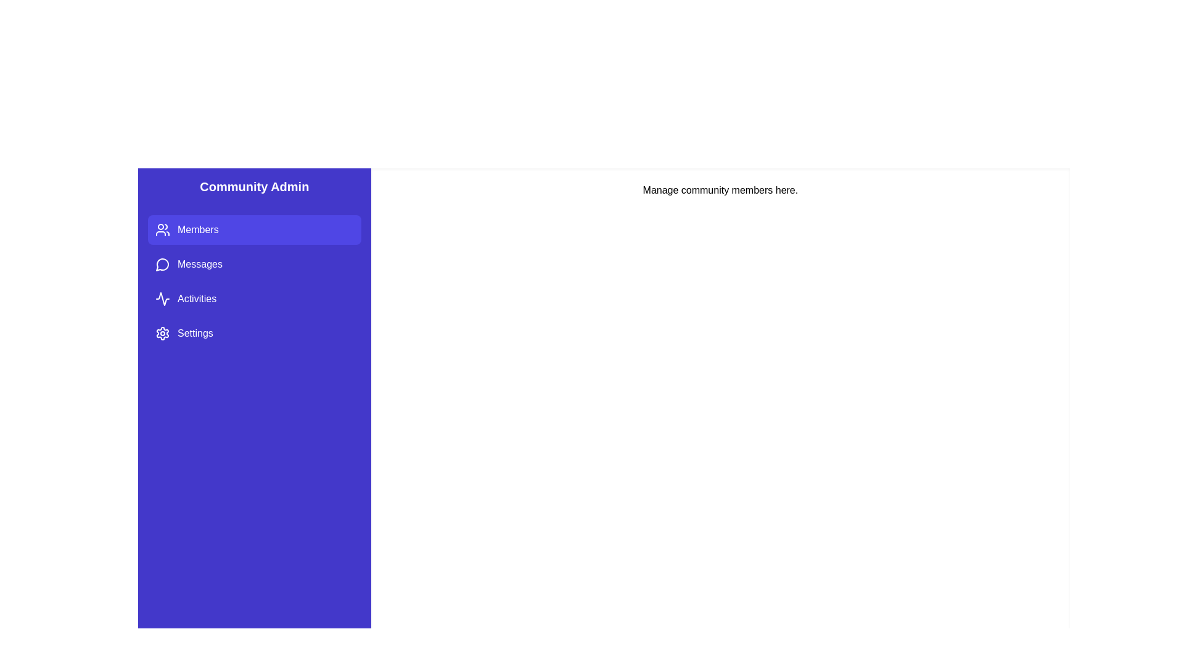 The height and width of the screenshot is (666, 1184). What do you see at coordinates (253, 187) in the screenshot?
I see `the Text Label at the top of the sidebar, which indicates the role or area associated with the sidebar` at bounding box center [253, 187].